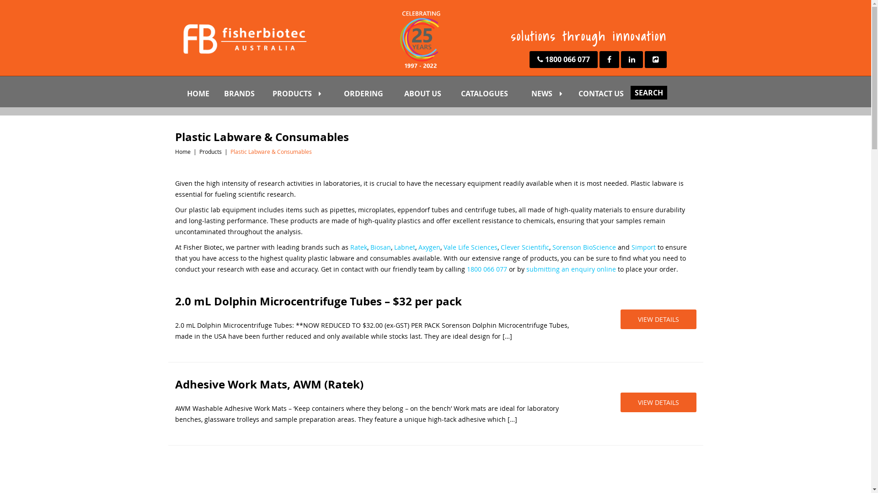  What do you see at coordinates (642, 247) in the screenshot?
I see `'Simport'` at bounding box center [642, 247].